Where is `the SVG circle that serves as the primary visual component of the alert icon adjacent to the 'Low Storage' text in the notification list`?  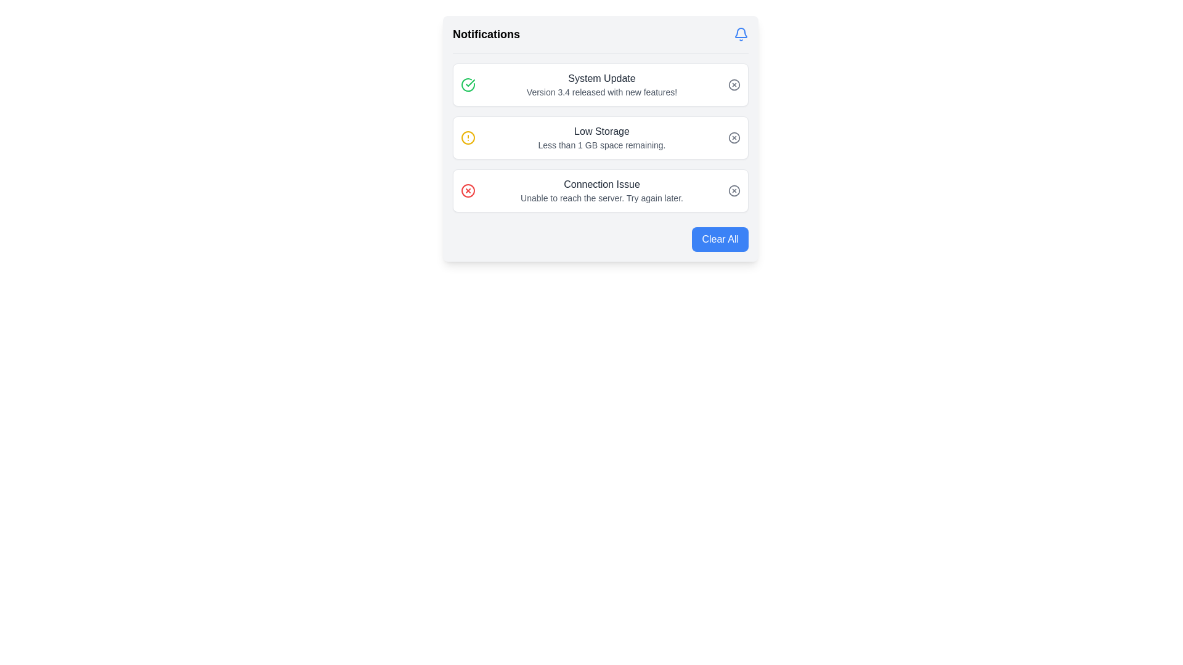
the SVG circle that serves as the primary visual component of the alert icon adjacent to the 'Low Storage' text in the notification list is located at coordinates (467, 137).